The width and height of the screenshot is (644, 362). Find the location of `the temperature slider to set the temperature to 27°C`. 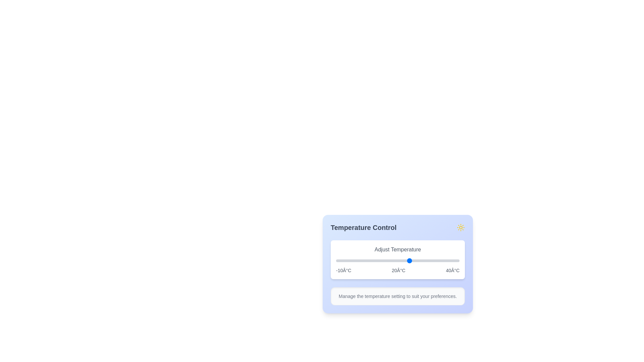

the temperature slider to set the temperature to 27°C is located at coordinates (427, 260).